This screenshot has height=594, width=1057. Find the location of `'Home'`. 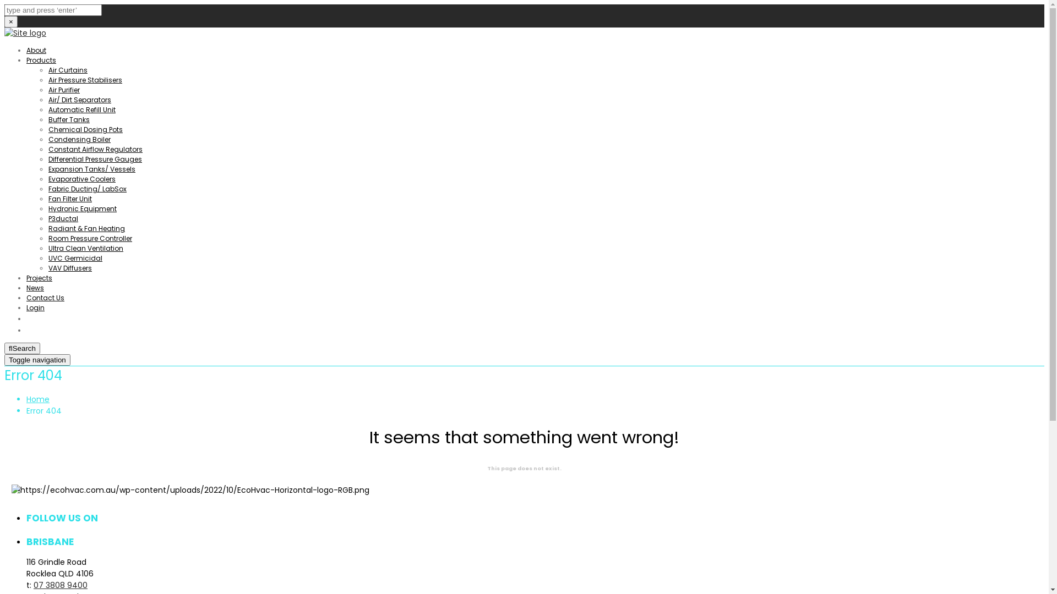

'Home' is located at coordinates (37, 399).